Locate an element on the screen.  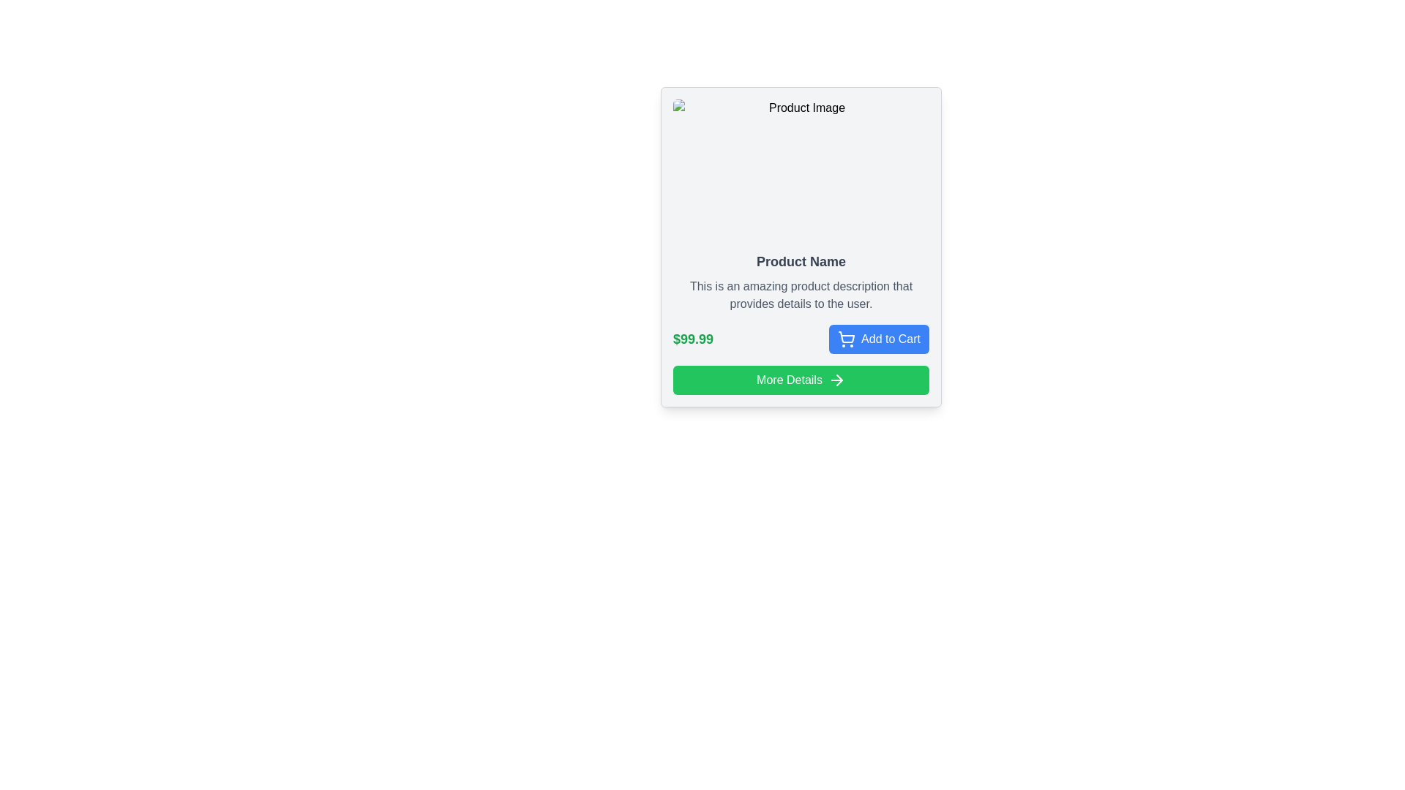
the text element displaying 'This is an amazing product description that provides details to the user.' which is positioned below the 'Product Name' text is located at coordinates (800, 296).